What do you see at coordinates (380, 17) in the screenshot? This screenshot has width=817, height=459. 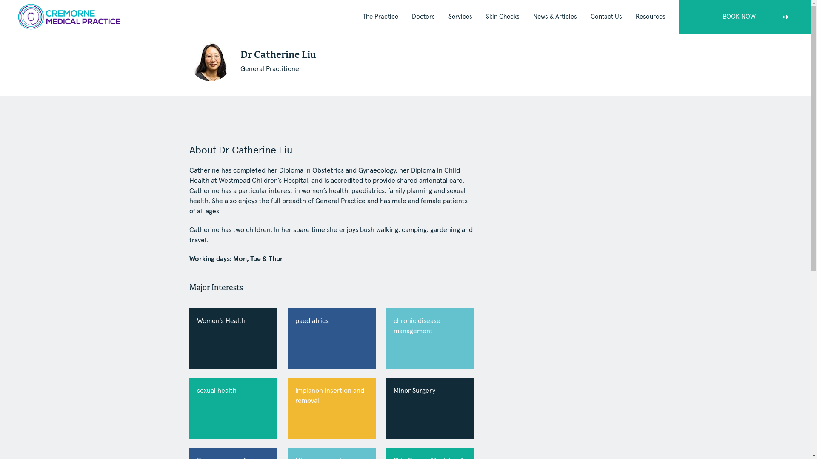 I see `'The Practice'` at bounding box center [380, 17].